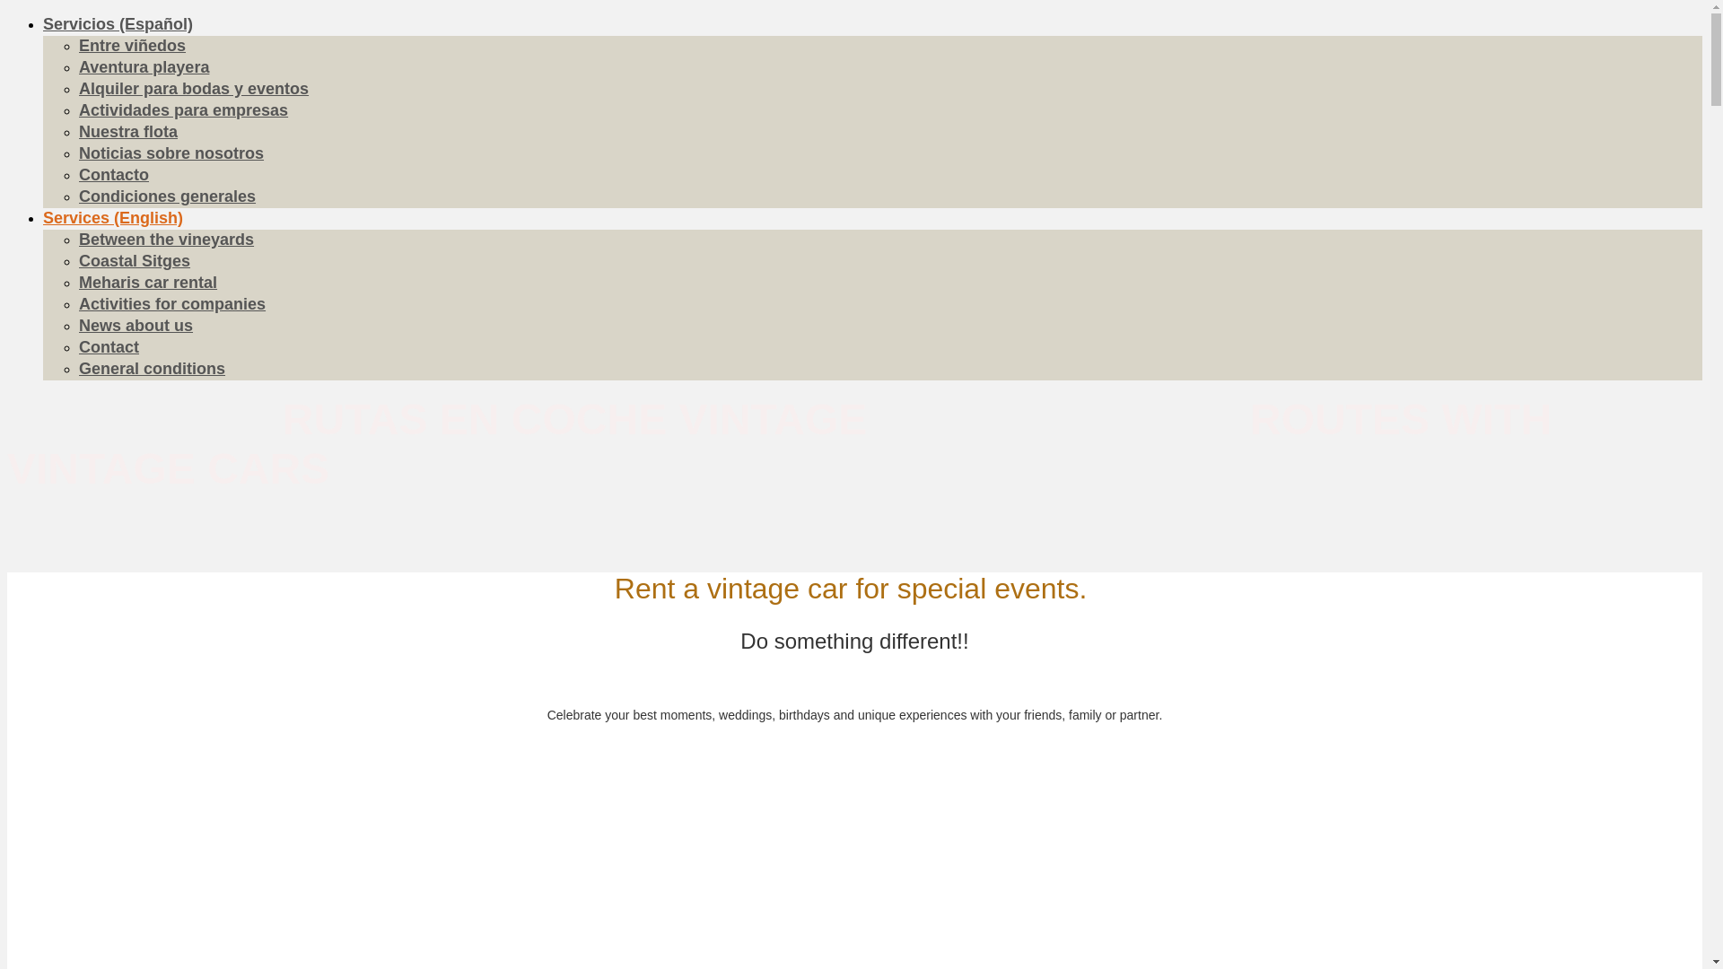 The height and width of the screenshot is (969, 1723). Describe the element at coordinates (194, 89) in the screenshot. I see `'Alquiler para bodas y eventos'` at that location.